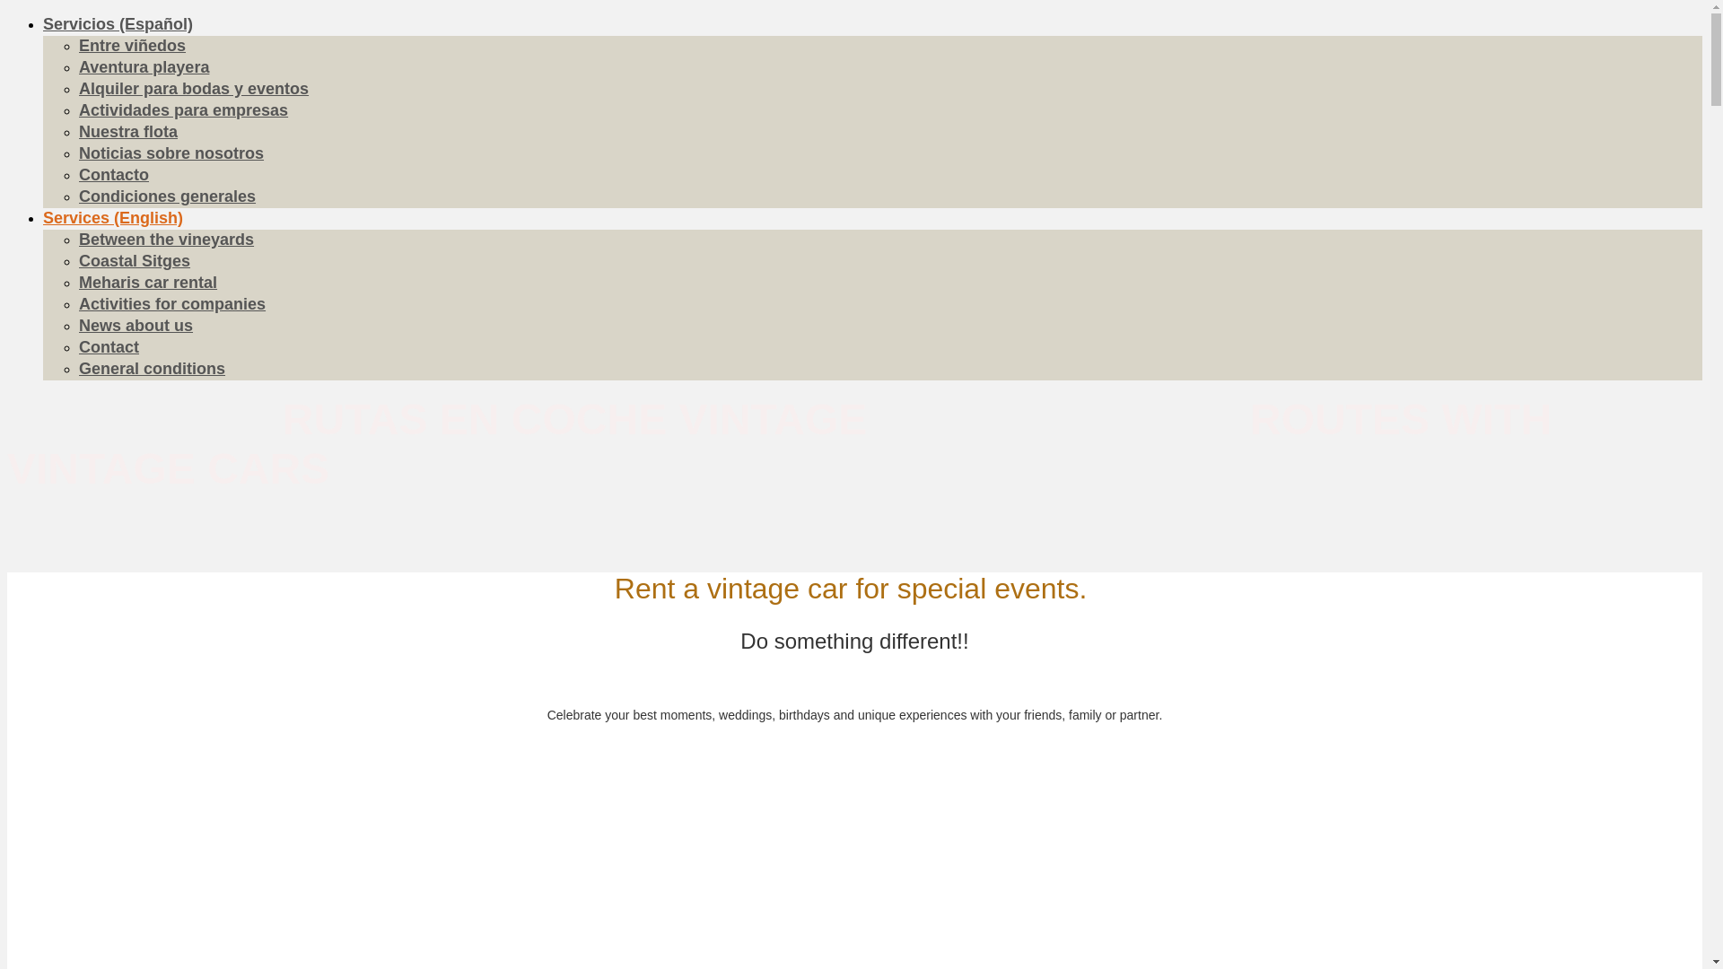 The height and width of the screenshot is (969, 1723). Describe the element at coordinates (194, 89) in the screenshot. I see `'Alquiler para bodas y eventos'` at that location.